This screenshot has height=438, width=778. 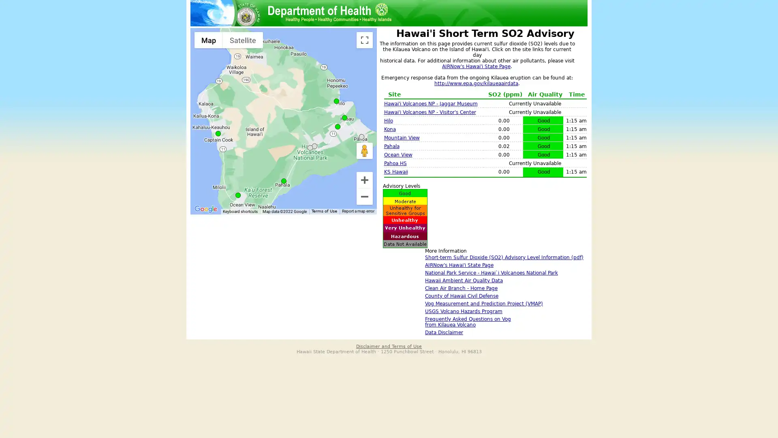 I want to click on Hilo: SO2 0.00 ppm (Good) on 06/28 at 01:15 am, so click(x=336, y=101).